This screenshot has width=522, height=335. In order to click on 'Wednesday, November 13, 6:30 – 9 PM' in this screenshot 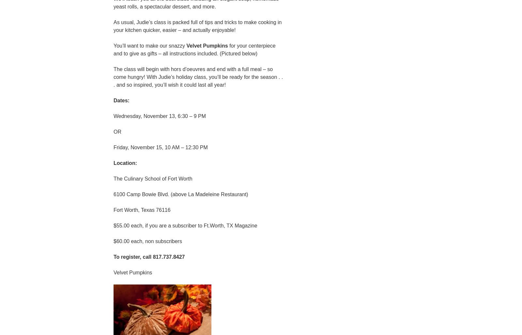, I will do `click(159, 115)`.